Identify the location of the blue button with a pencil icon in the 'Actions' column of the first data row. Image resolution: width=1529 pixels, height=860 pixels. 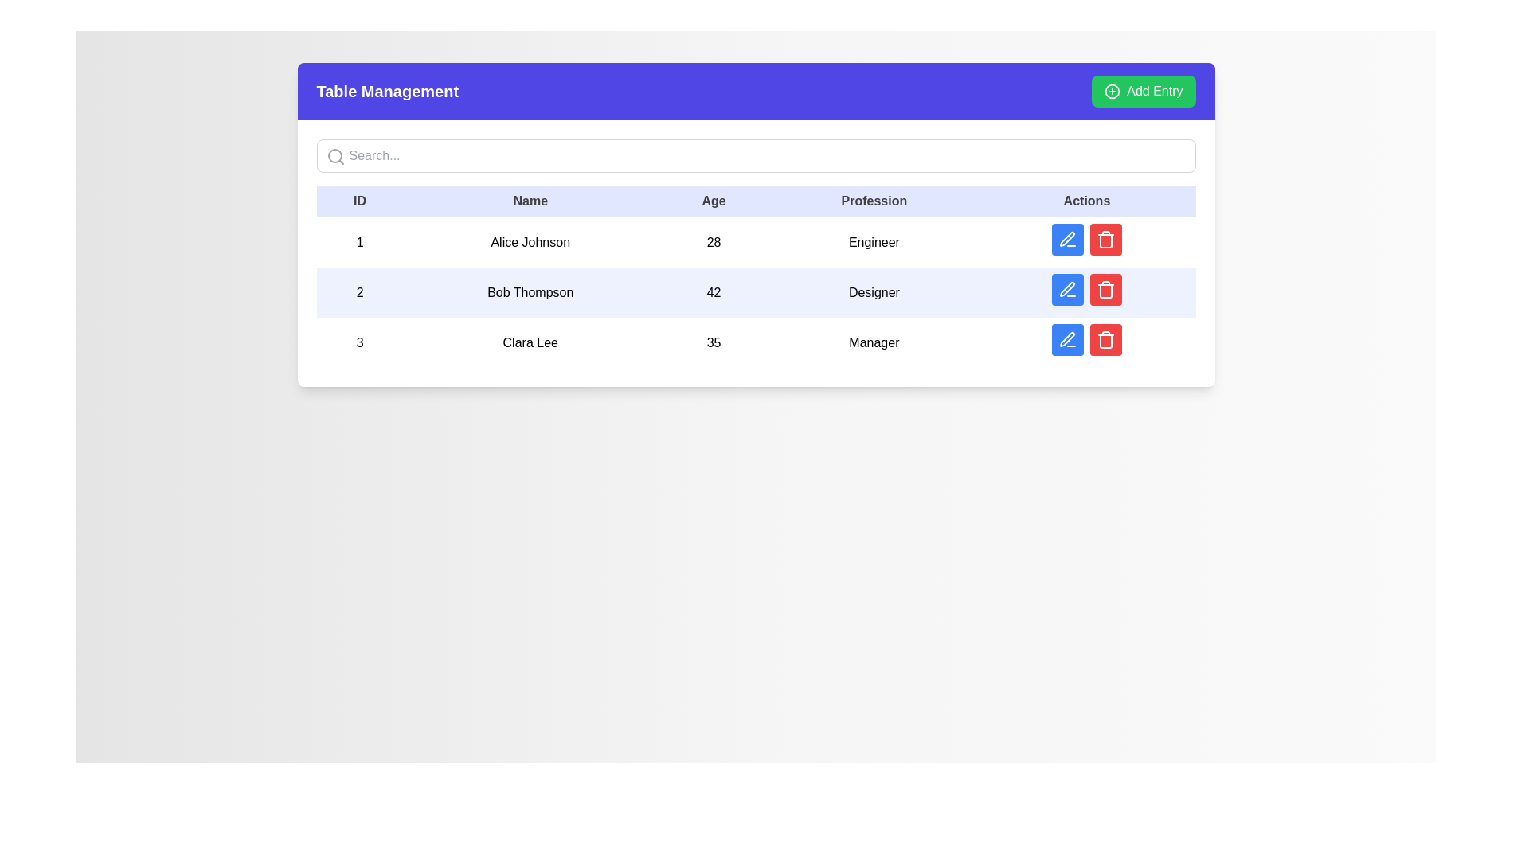
(1085, 239).